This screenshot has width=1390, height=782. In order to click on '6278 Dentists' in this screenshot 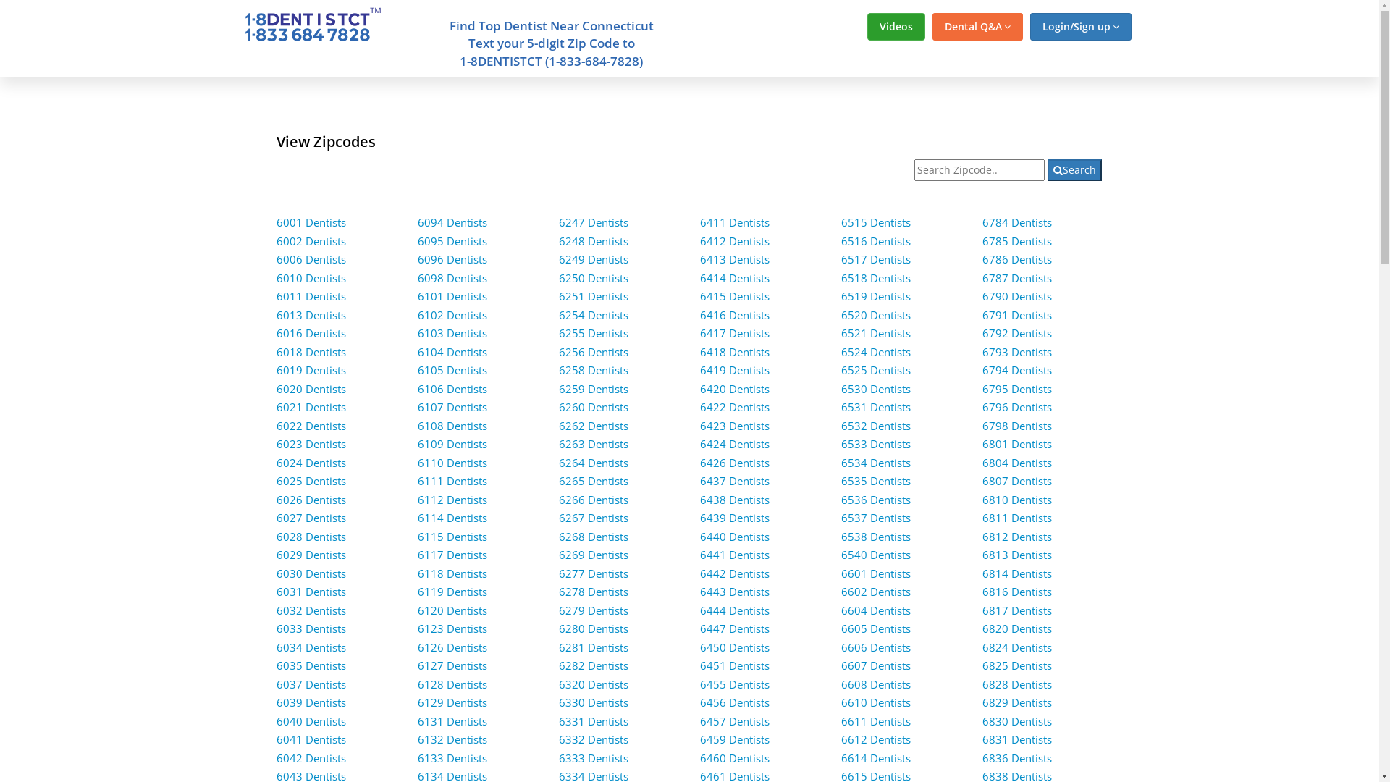, I will do `click(594, 592)`.